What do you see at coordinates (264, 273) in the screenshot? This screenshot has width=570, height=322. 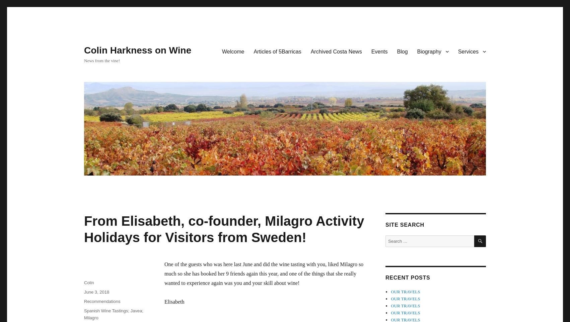 I see `'One of the guests who was here last June and did the wine tasting with you, liked Milagro so much so she has booked her 9 friends again this year, and one of the things that she really wanted to experience again was you and your skill about wine!'` at bounding box center [264, 273].